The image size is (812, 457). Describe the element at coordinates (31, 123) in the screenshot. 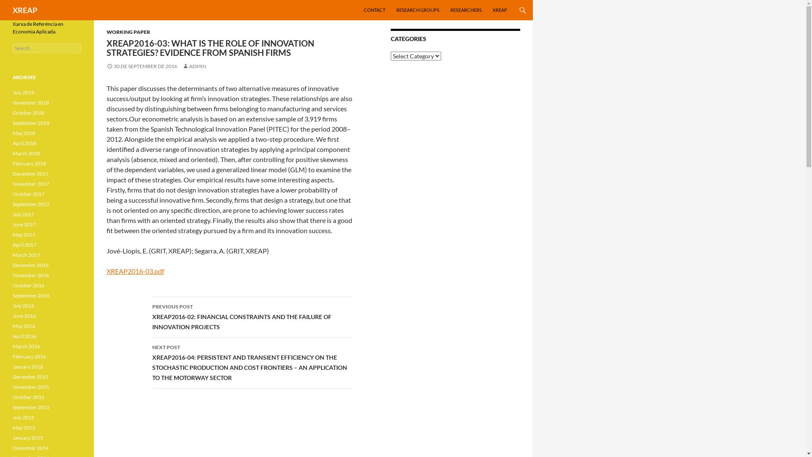

I see `'September 2018'` at that location.